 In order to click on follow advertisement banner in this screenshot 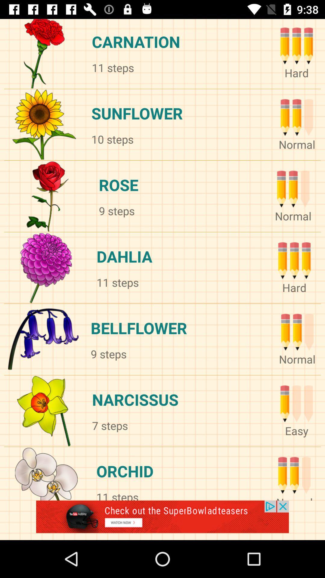, I will do `click(162, 520)`.